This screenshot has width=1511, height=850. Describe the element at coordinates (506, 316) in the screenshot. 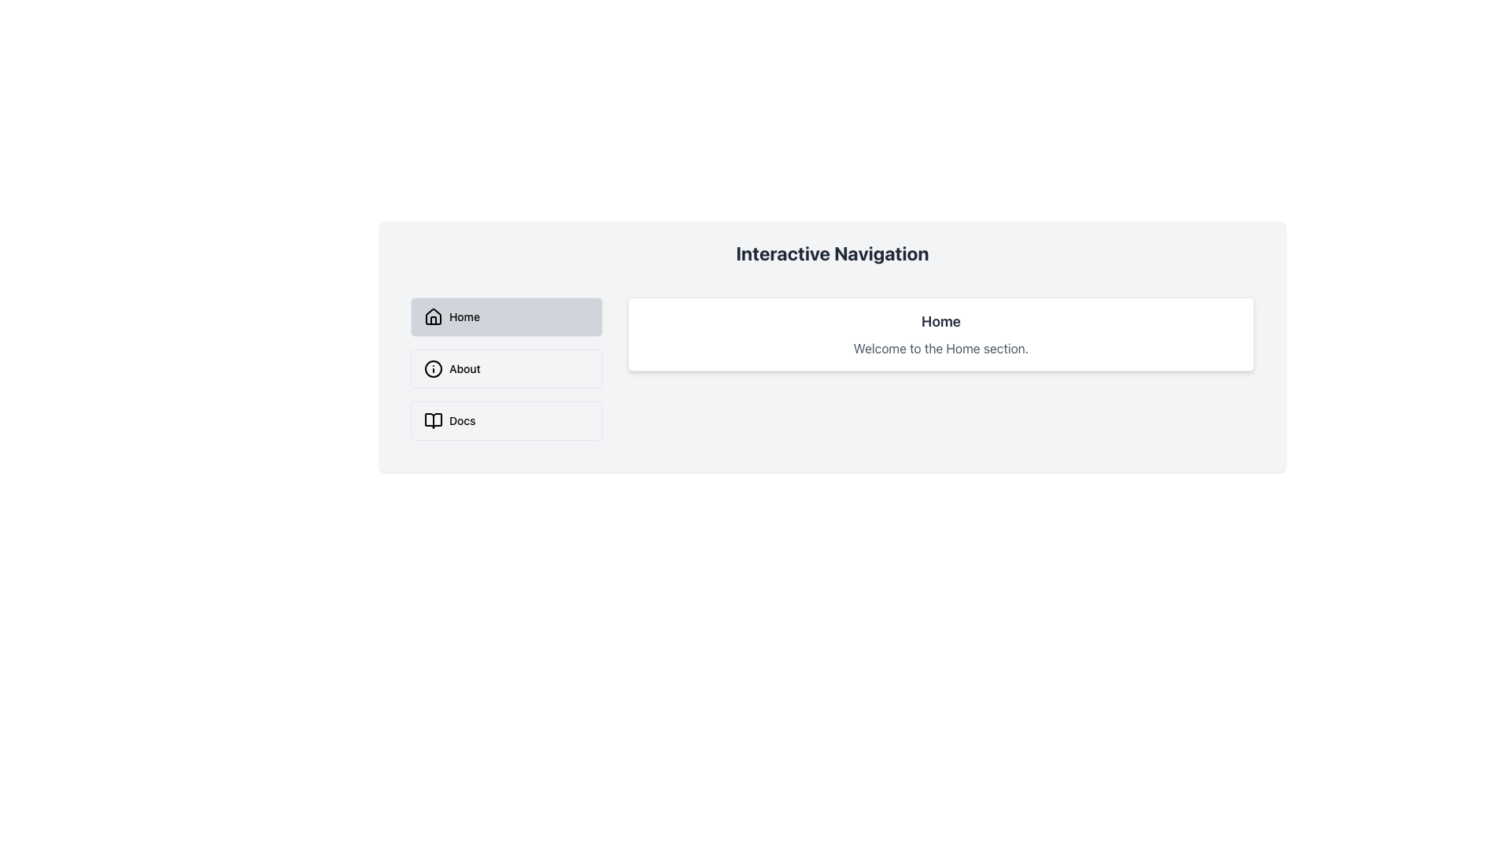

I see `the 'Home' navigation button, which is the first item in a vertical group of navigation buttons located in the left section of the interface` at that location.